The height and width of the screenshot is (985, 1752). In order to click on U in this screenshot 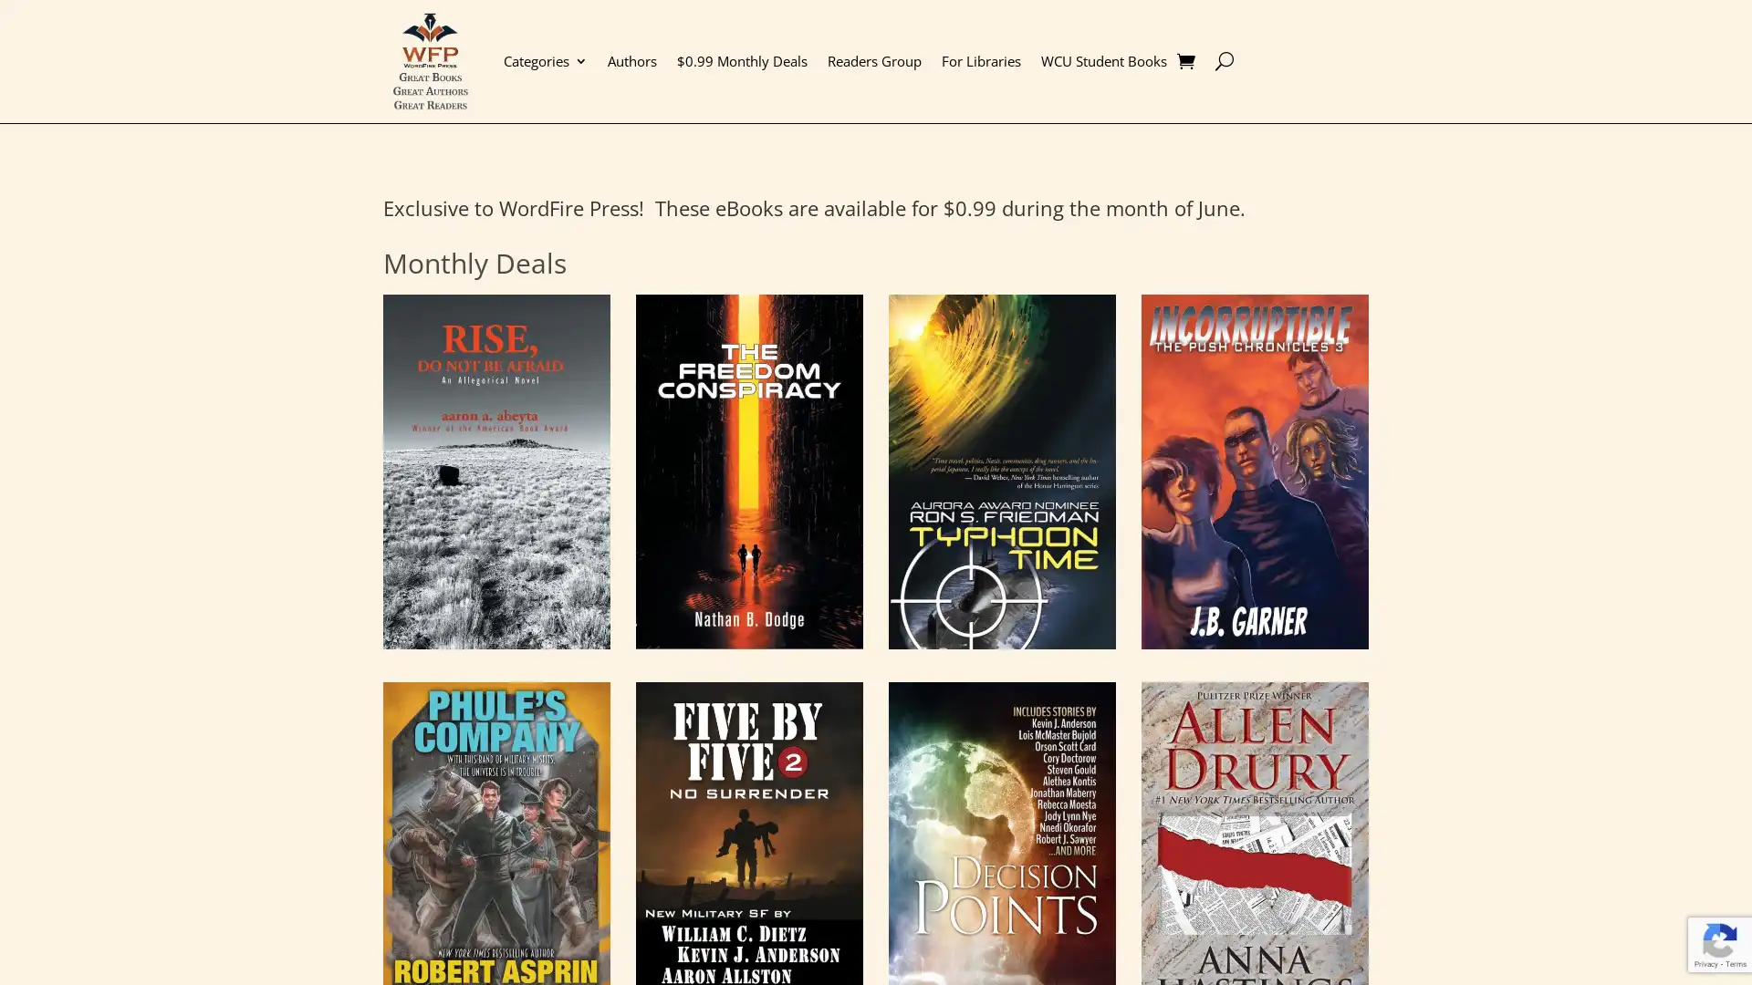, I will do `click(1223, 59)`.